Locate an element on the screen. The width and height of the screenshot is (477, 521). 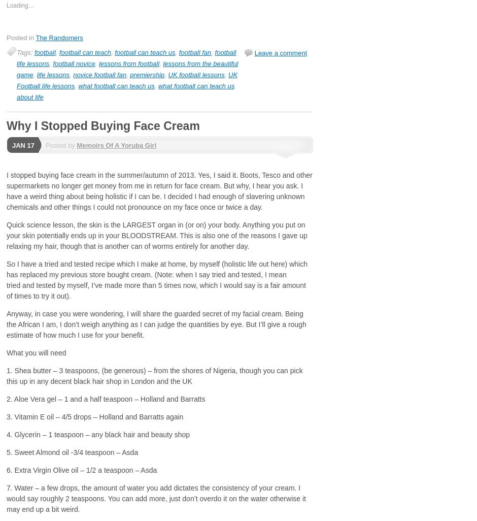
'lessons from the beautiful game' is located at coordinates (127, 69).